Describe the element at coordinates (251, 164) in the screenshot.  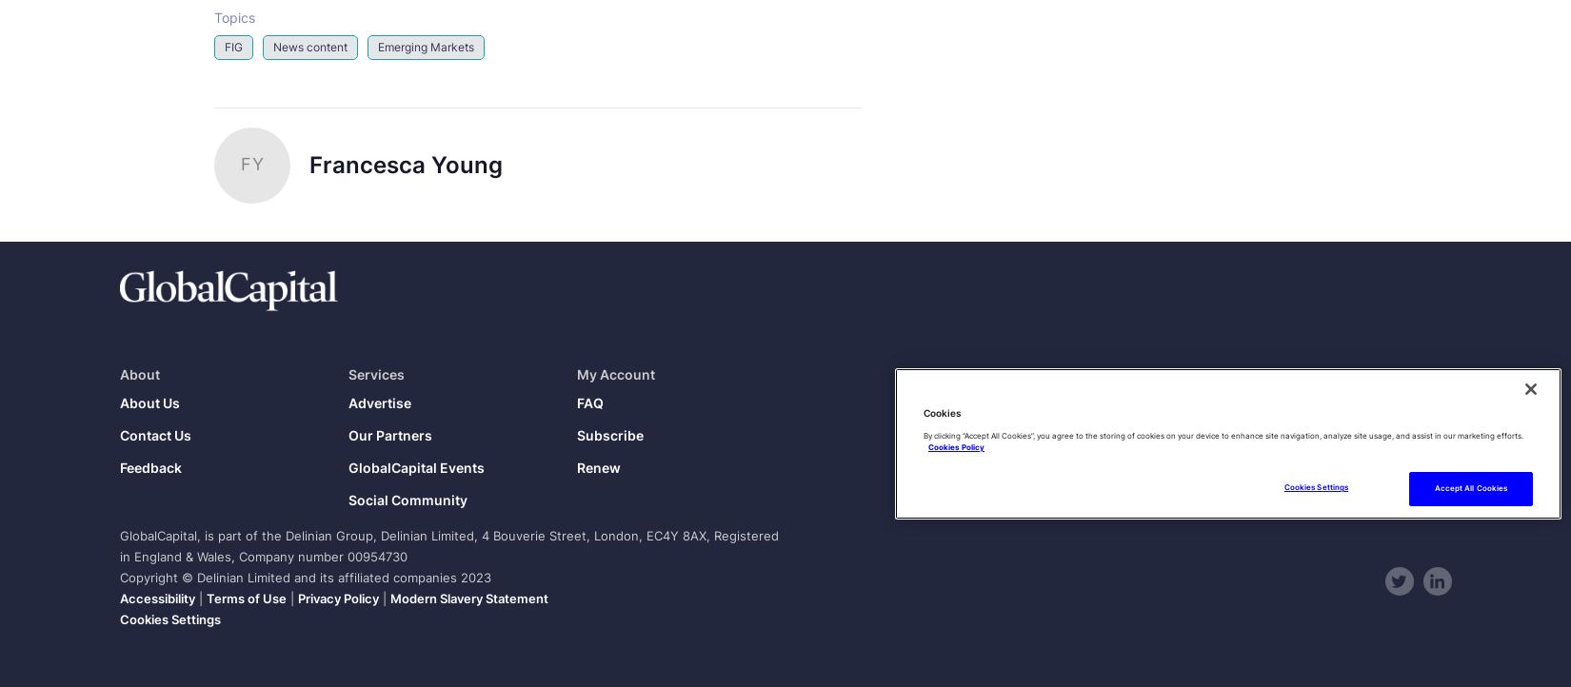
I see `'FY'` at that location.